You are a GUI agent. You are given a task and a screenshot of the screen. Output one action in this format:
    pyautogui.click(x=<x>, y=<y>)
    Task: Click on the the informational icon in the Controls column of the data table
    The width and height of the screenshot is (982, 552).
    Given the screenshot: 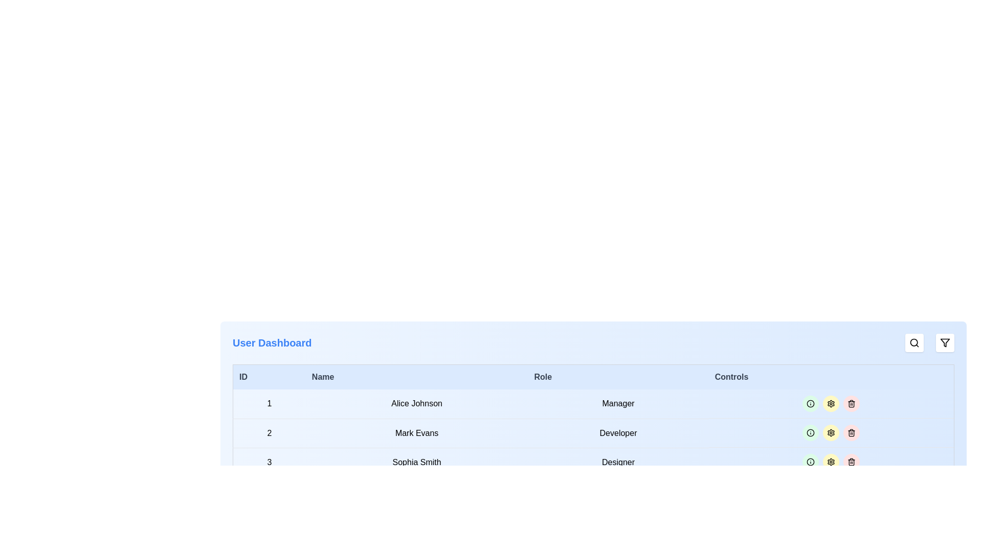 What is the action you would take?
    pyautogui.click(x=810, y=403)
    